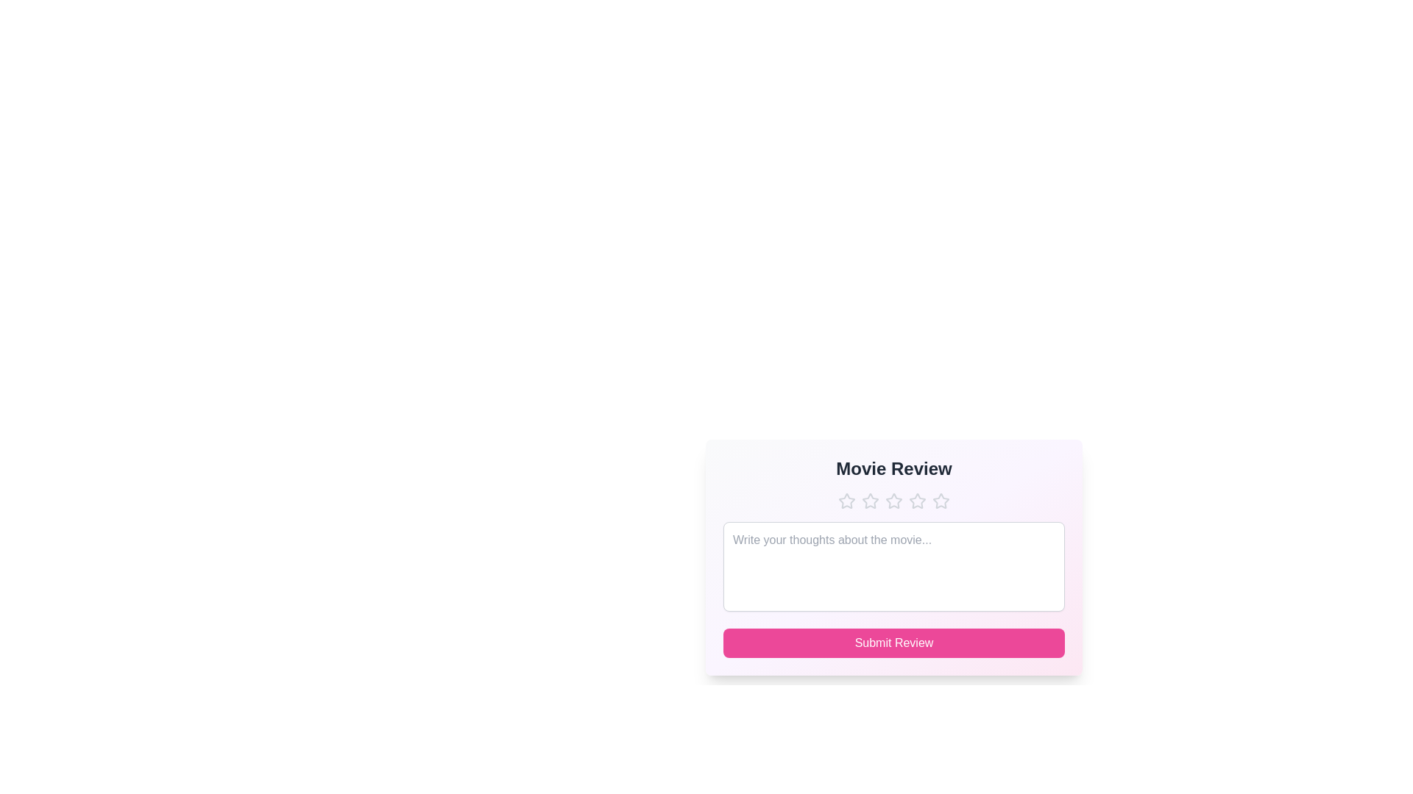 The image size is (1413, 794). What do you see at coordinates (847, 501) in the screenshot?
I see `the star icon to set the rating to 1` at bounding box center [847, 501].